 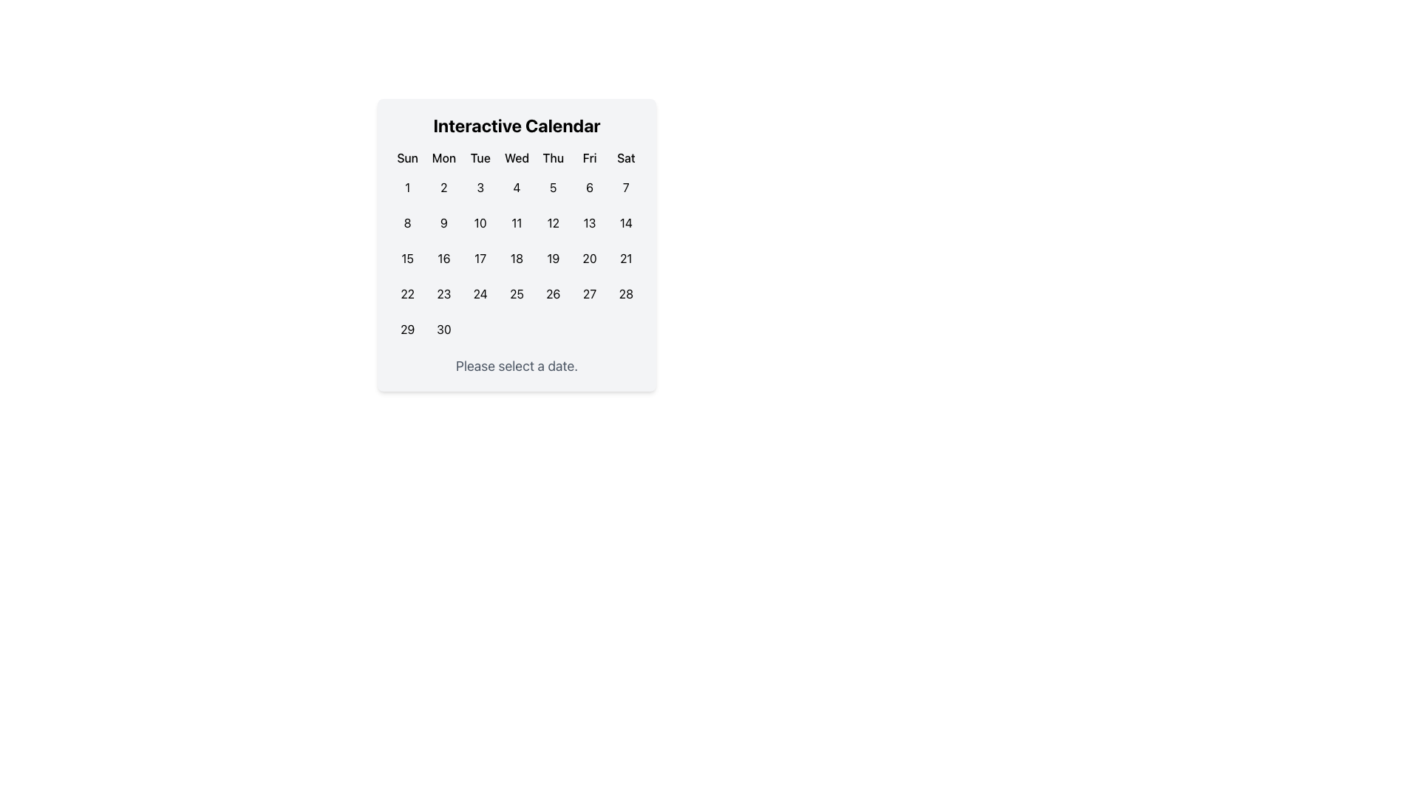 I want to click on the interactive Text Label indicating the 19th day of the calendar, so click(x=552, y=258).